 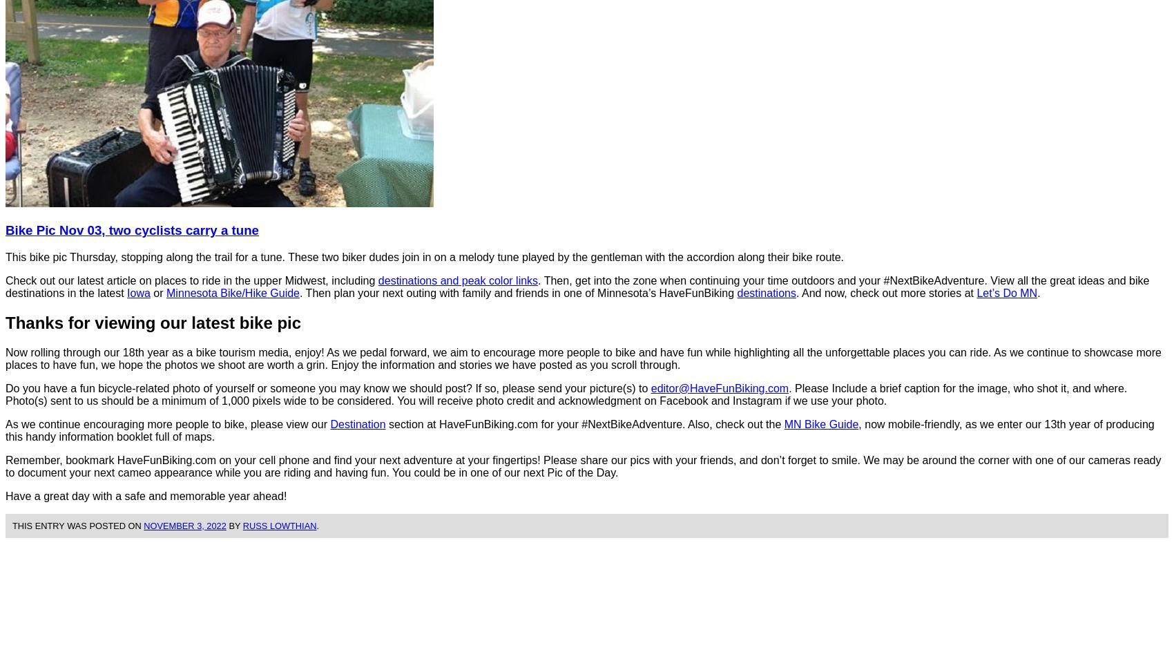 I want to click on 'This entry was posted', so click(x=70, y=525).